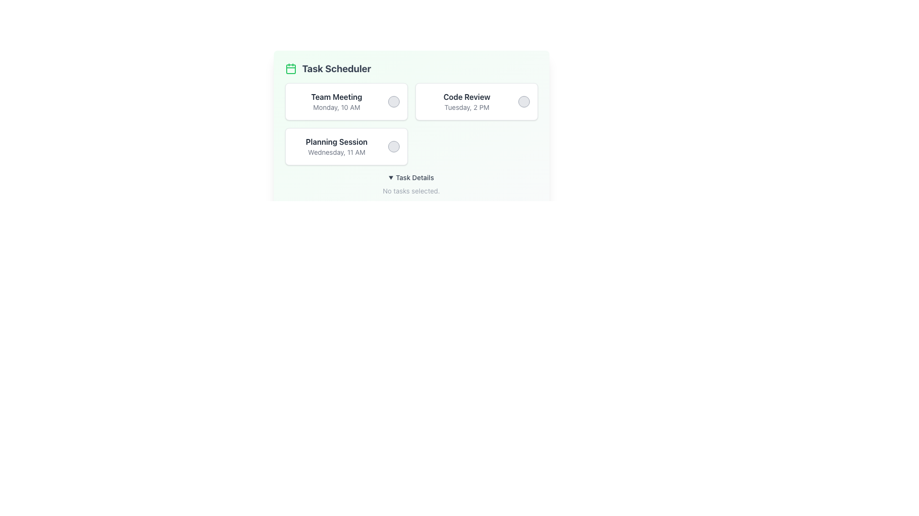 This screenshot has width=919, height=516. What do you see at coordinates (336, 68) in the screenshot?
I see `text label that serves as a header for the task scheduling feature, located to the right of the calendar icon and centered at the top of the interface layout` at bounding box center [336, 68].